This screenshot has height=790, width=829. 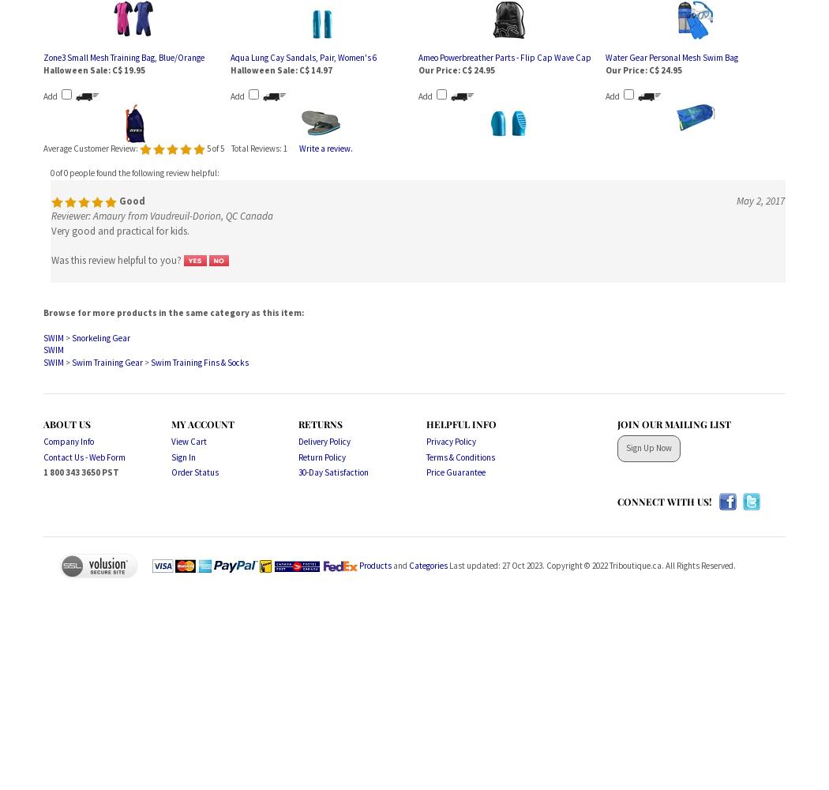 I want to click on '5', so click(x=206, y=148).